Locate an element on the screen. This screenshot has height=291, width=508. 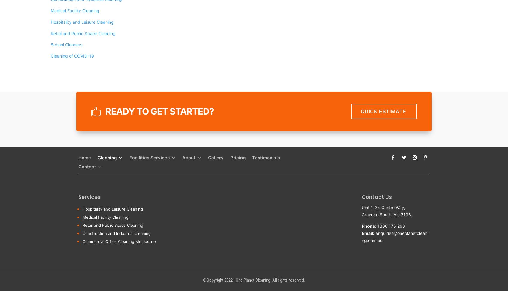
'Careers' is located at coordinates (199, 175).